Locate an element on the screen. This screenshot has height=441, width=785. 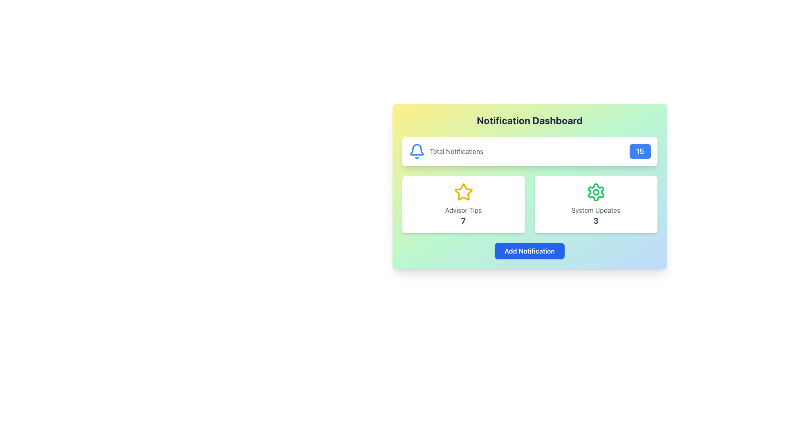
the green gear icon representing settings, which is centrally positioned at the top of the 'System Updates' card in the grid below the 'Notification Dashboard' heading is located at coordinates (596, 192).